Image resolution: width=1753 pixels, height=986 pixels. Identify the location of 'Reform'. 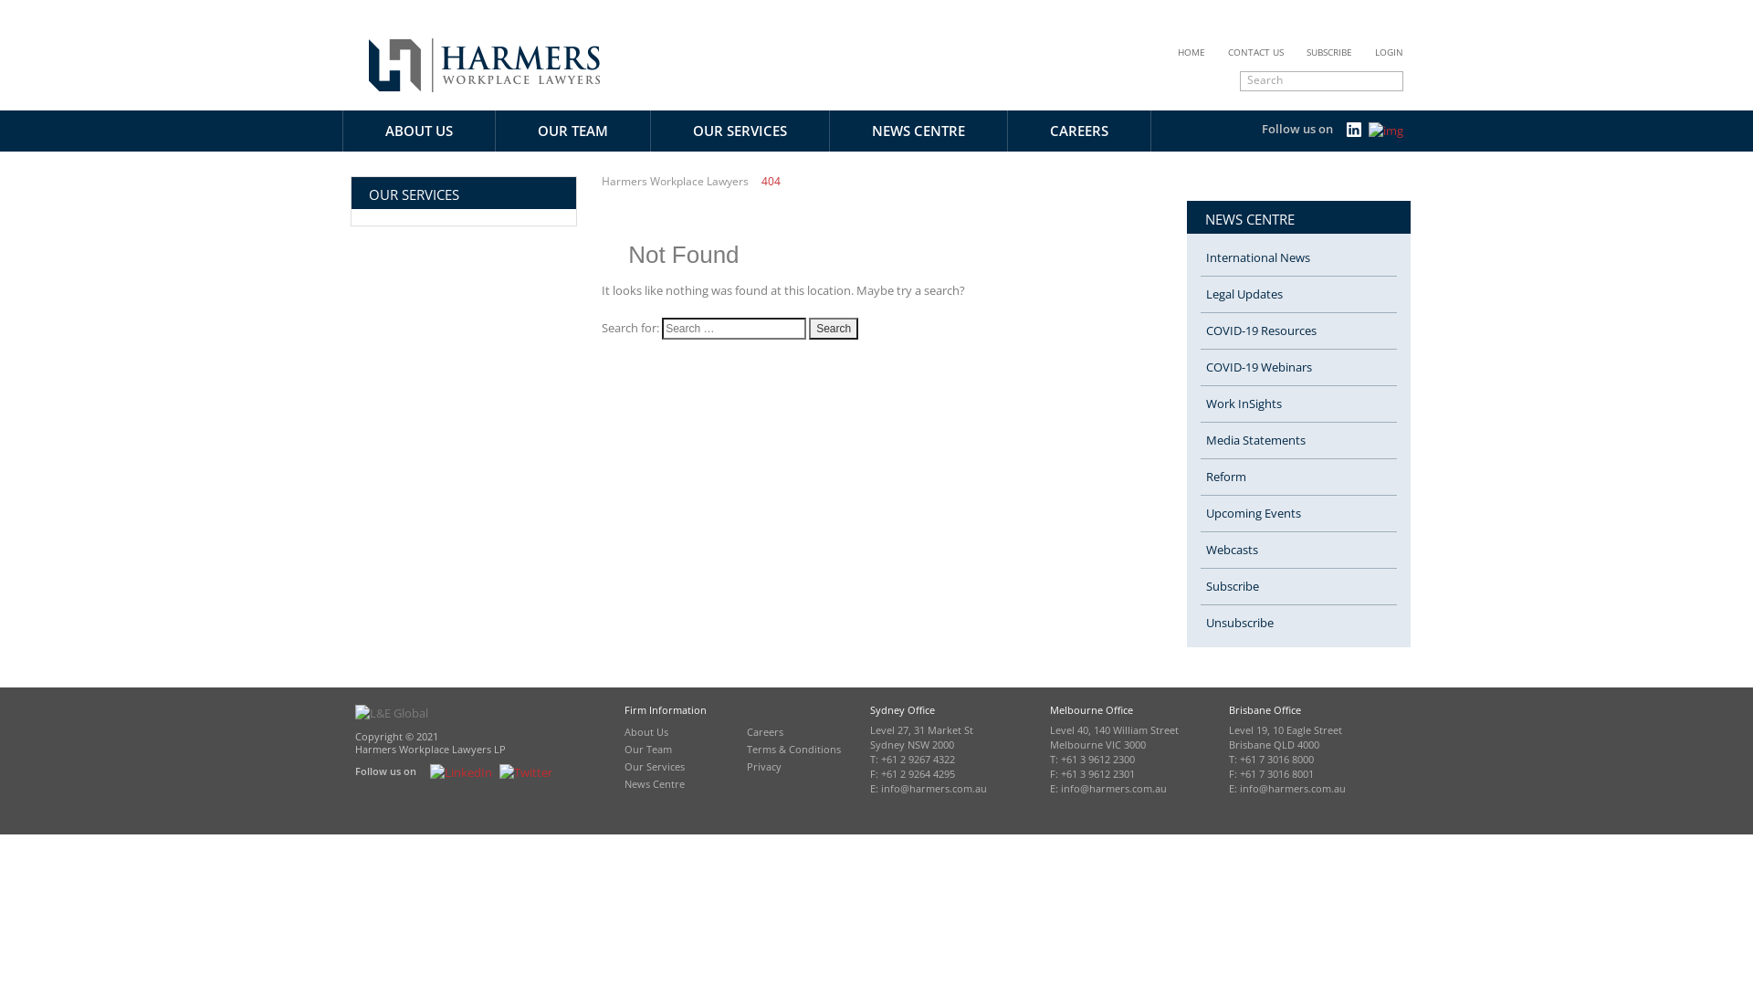
(1297, 477).